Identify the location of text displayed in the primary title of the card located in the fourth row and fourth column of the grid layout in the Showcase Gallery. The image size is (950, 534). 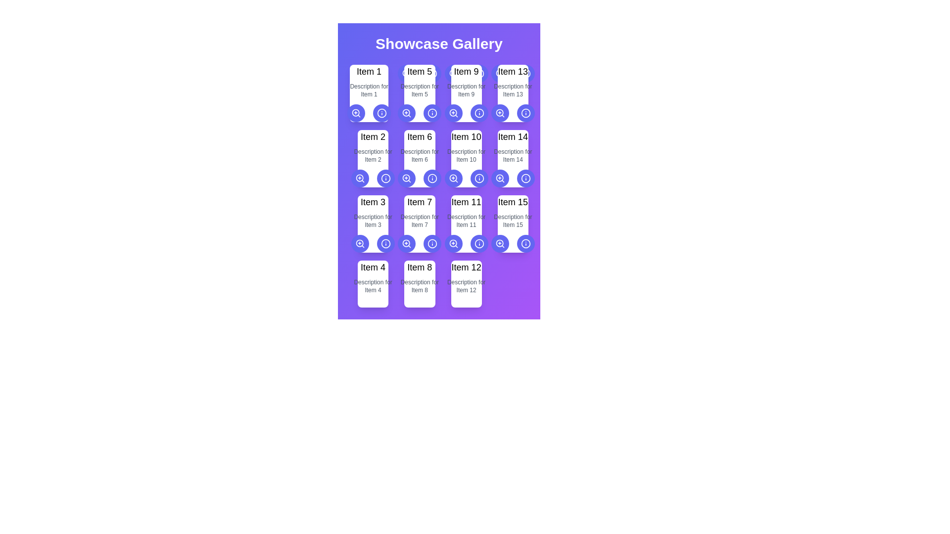
(513, 137).